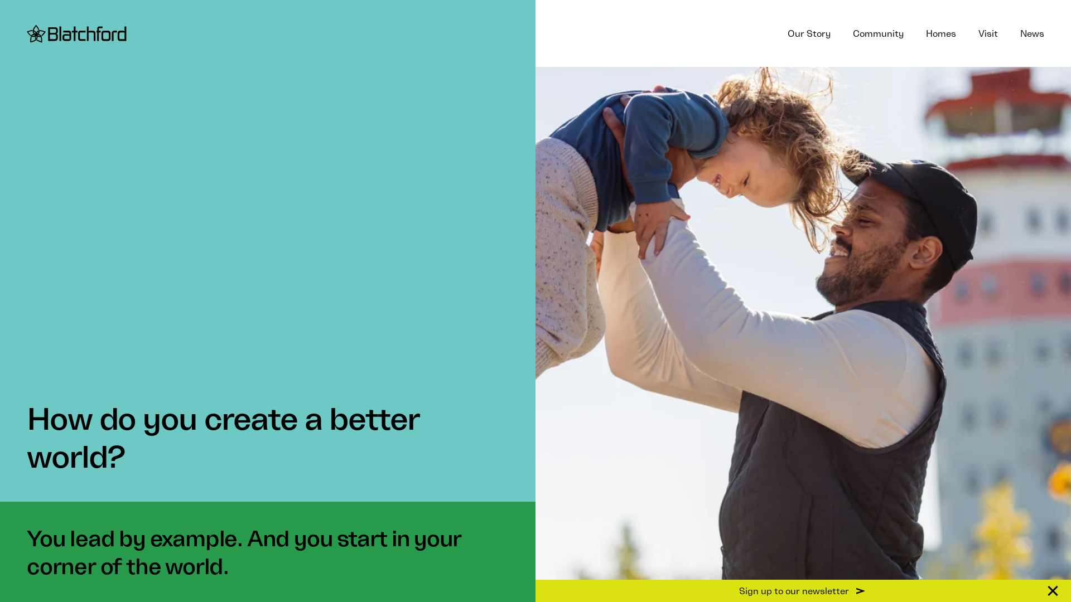 The width and height of the screenshot is (1071, 602). What do you see at coordinates (809, 33) in the screenshot?
I see `'Our Story'` at bounding box center [809, 33].